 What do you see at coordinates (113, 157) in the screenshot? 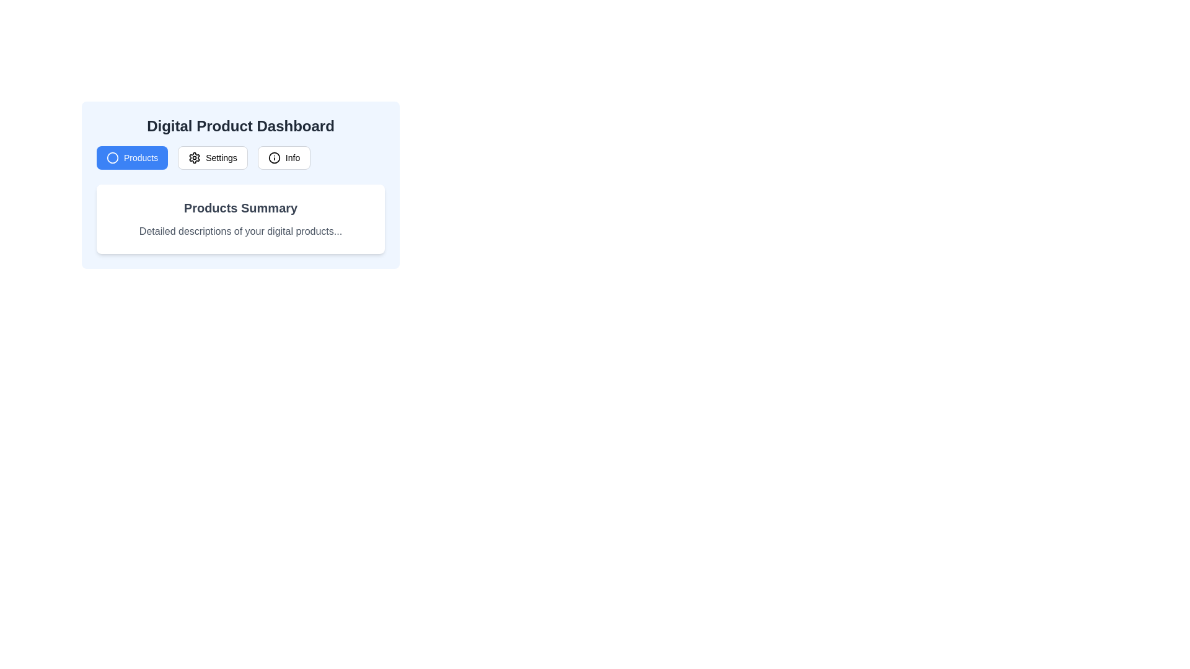
I see `the circular icon with a hollow center located to the left of the 'Products' button` at bounding box center [113, 157].